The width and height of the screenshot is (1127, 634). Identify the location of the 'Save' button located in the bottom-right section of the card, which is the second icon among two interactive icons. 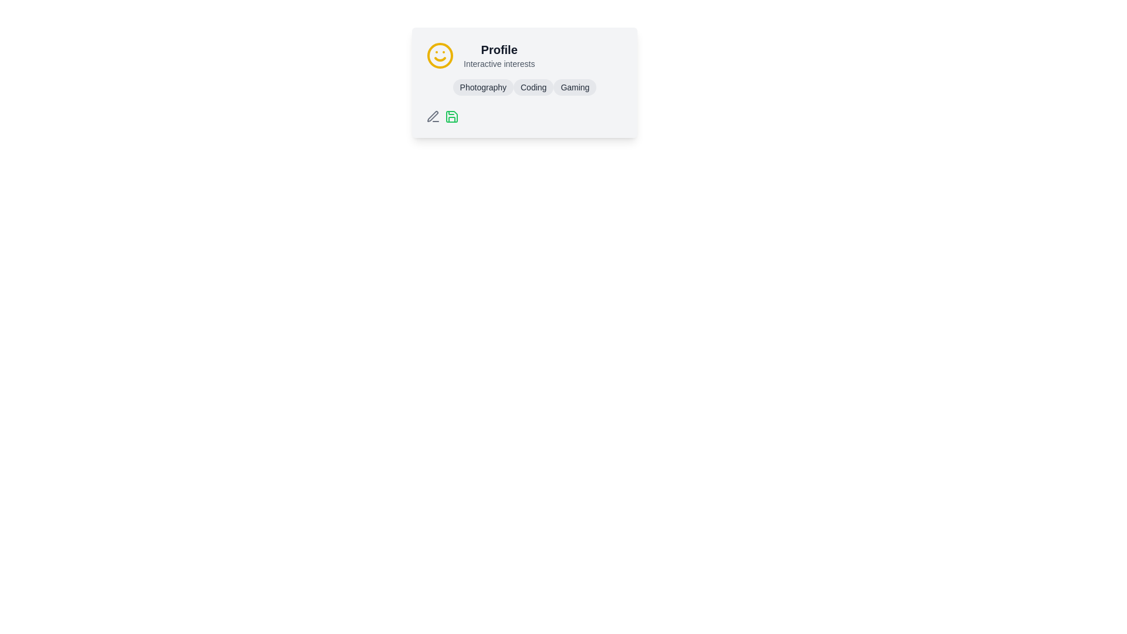
(451, 117).